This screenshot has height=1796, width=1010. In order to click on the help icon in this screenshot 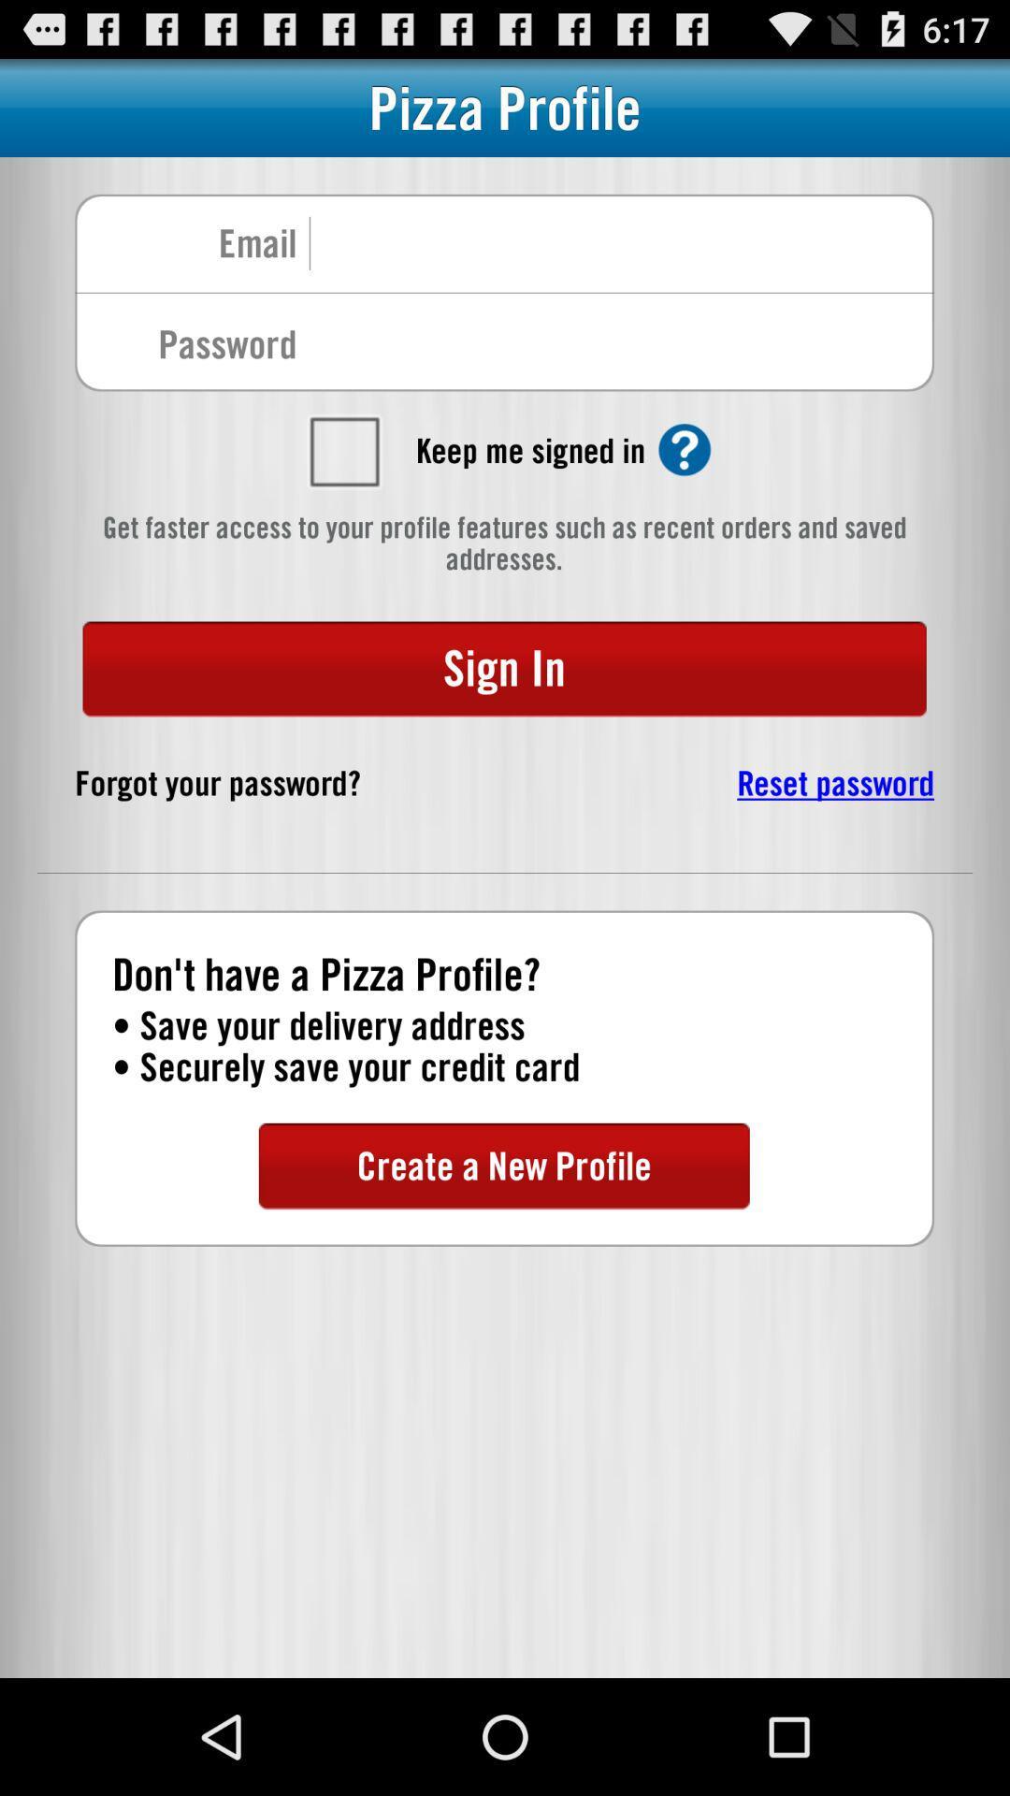, I will do `click(685, 481)`.